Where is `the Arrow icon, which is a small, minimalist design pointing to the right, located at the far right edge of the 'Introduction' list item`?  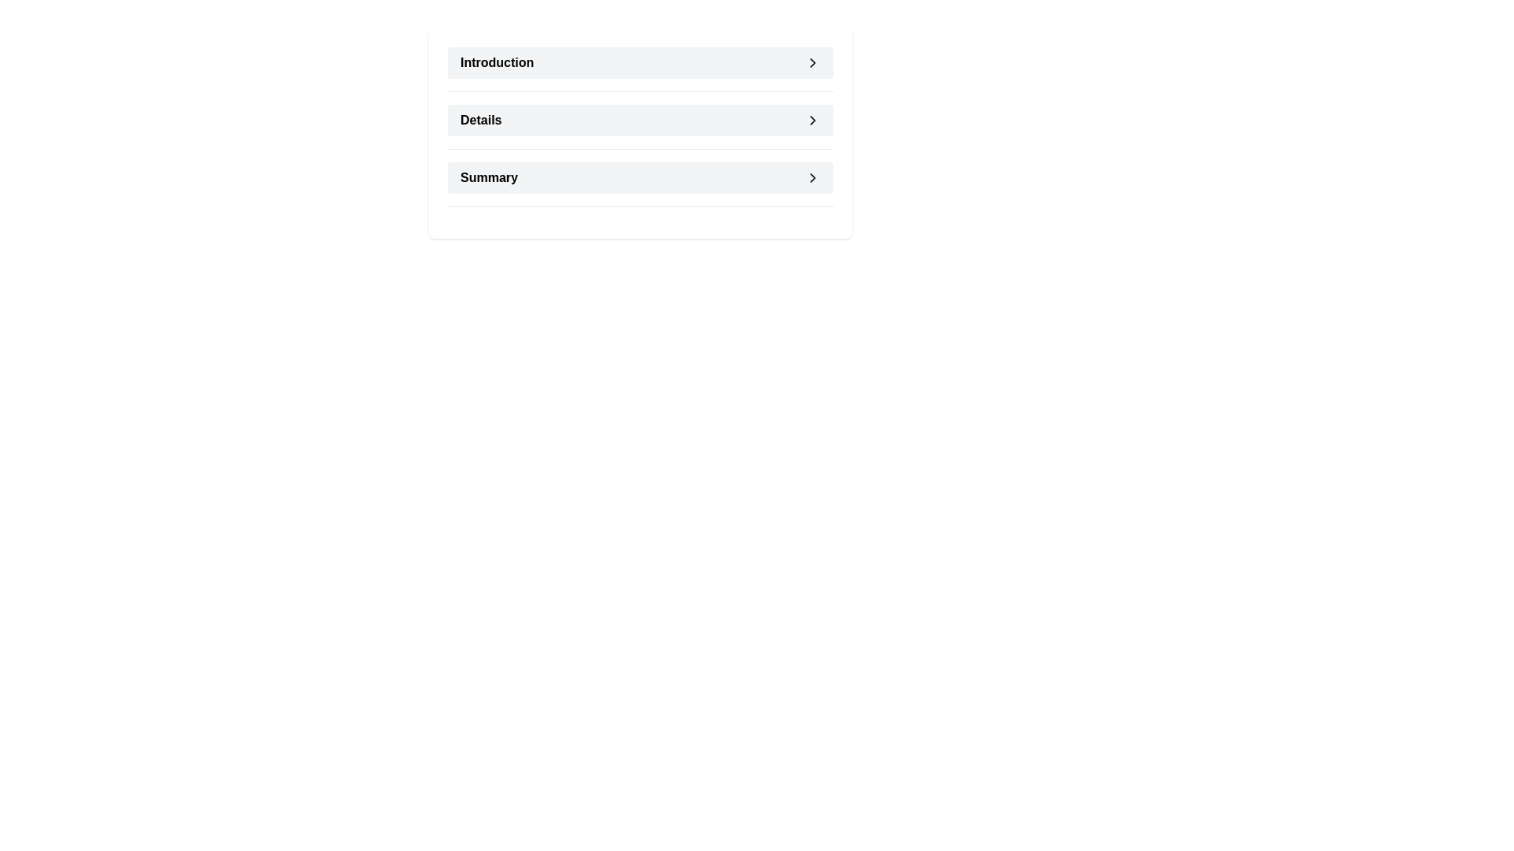 the Arrow icon, which is a small, minimalist design pointing to the right, located at the far right edge of the 'Introduction' list item is located at coordinates (813, 62).